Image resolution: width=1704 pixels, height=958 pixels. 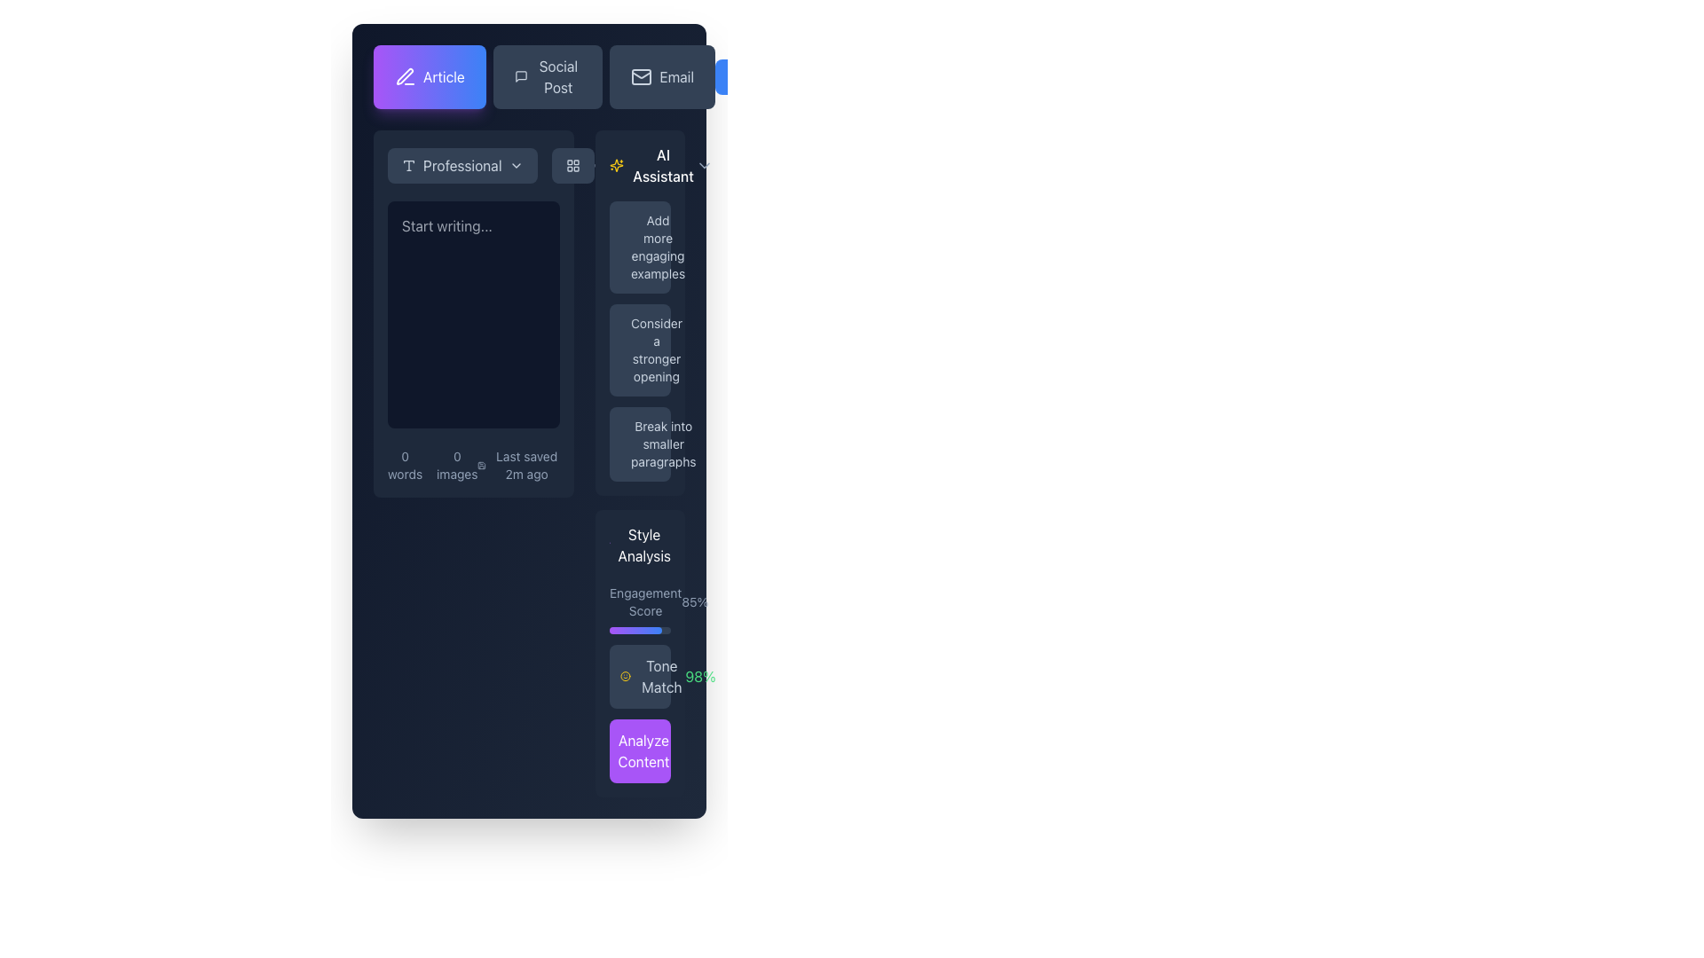 I want to click on the Text label located in the bottom-right section of the interface that indicates a feature related to analyzing styles, so click(x=643, y=544).